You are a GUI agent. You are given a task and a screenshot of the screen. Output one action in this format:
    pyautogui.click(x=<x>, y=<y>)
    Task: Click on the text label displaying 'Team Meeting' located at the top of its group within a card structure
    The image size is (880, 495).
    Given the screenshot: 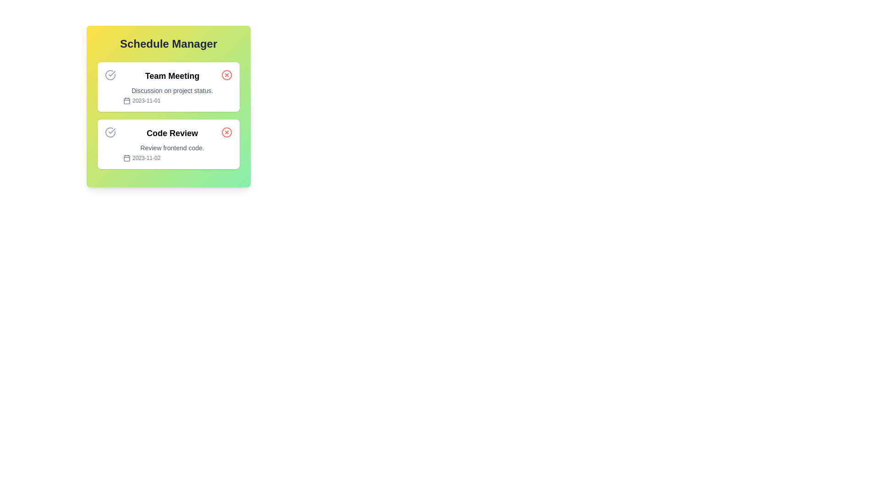 What is the action you would take?
    pyautogui.click(x=172, y=75)
    